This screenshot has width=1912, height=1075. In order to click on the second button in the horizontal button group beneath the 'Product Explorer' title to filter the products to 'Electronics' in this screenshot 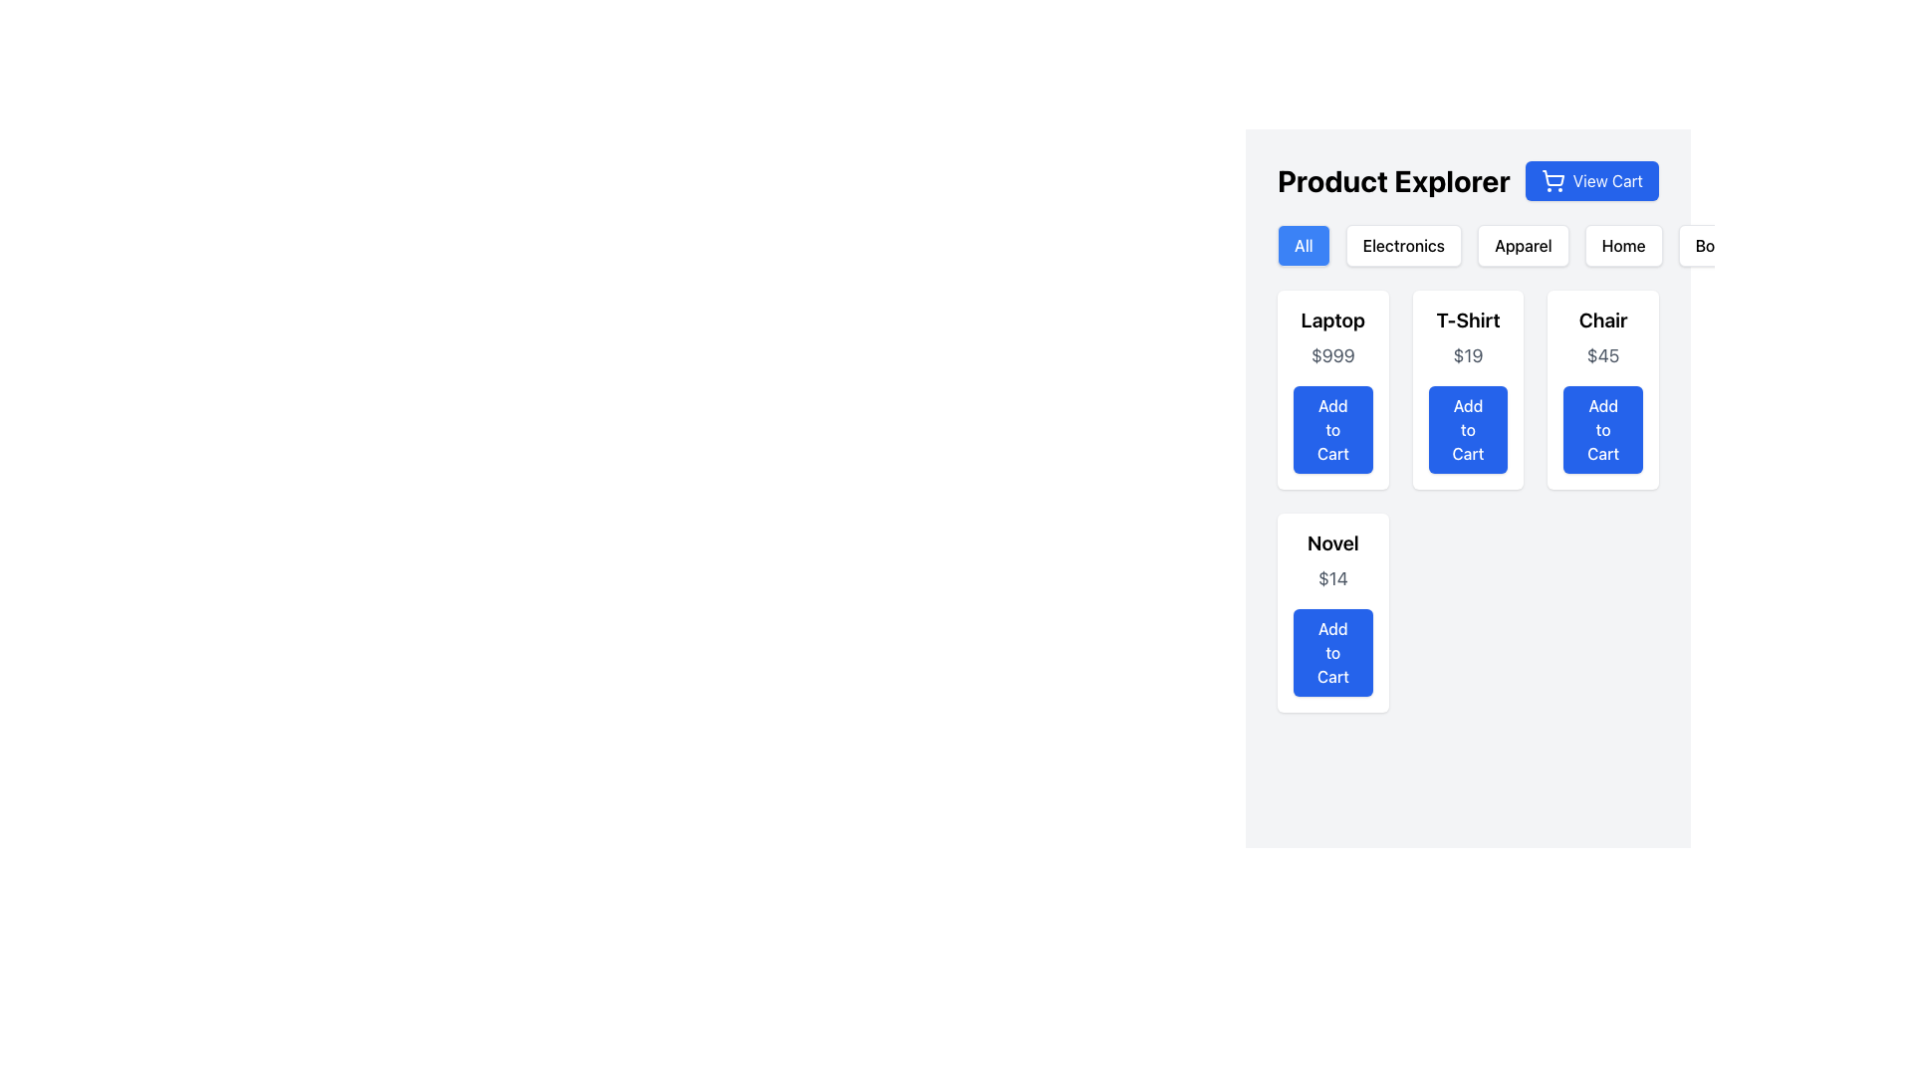, I will do `click(1402, 244)`.